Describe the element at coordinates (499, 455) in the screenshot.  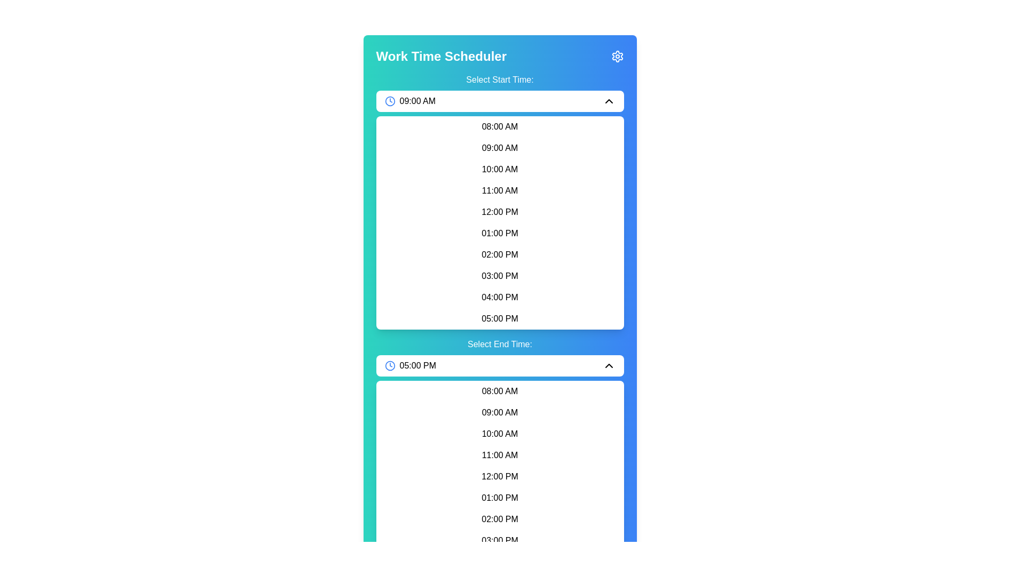
I see `the fourth selectable time slot in the list used for scheduling, positioned below the 'Select End Time:' label` at that location.